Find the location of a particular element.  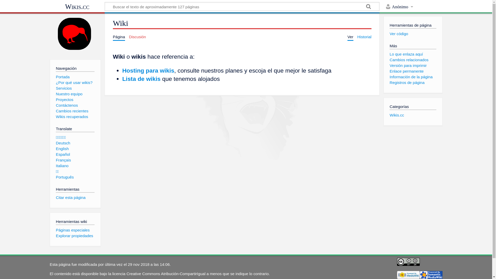

'Enlace permanente' is located at coordinates (406, 71).